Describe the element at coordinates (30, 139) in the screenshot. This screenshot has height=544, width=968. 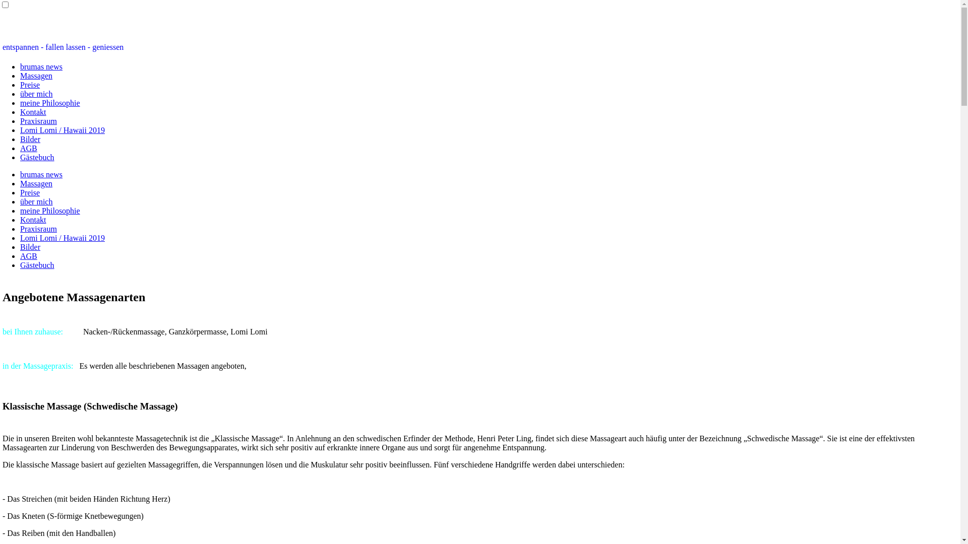
I see `'Bilder'` at that location.